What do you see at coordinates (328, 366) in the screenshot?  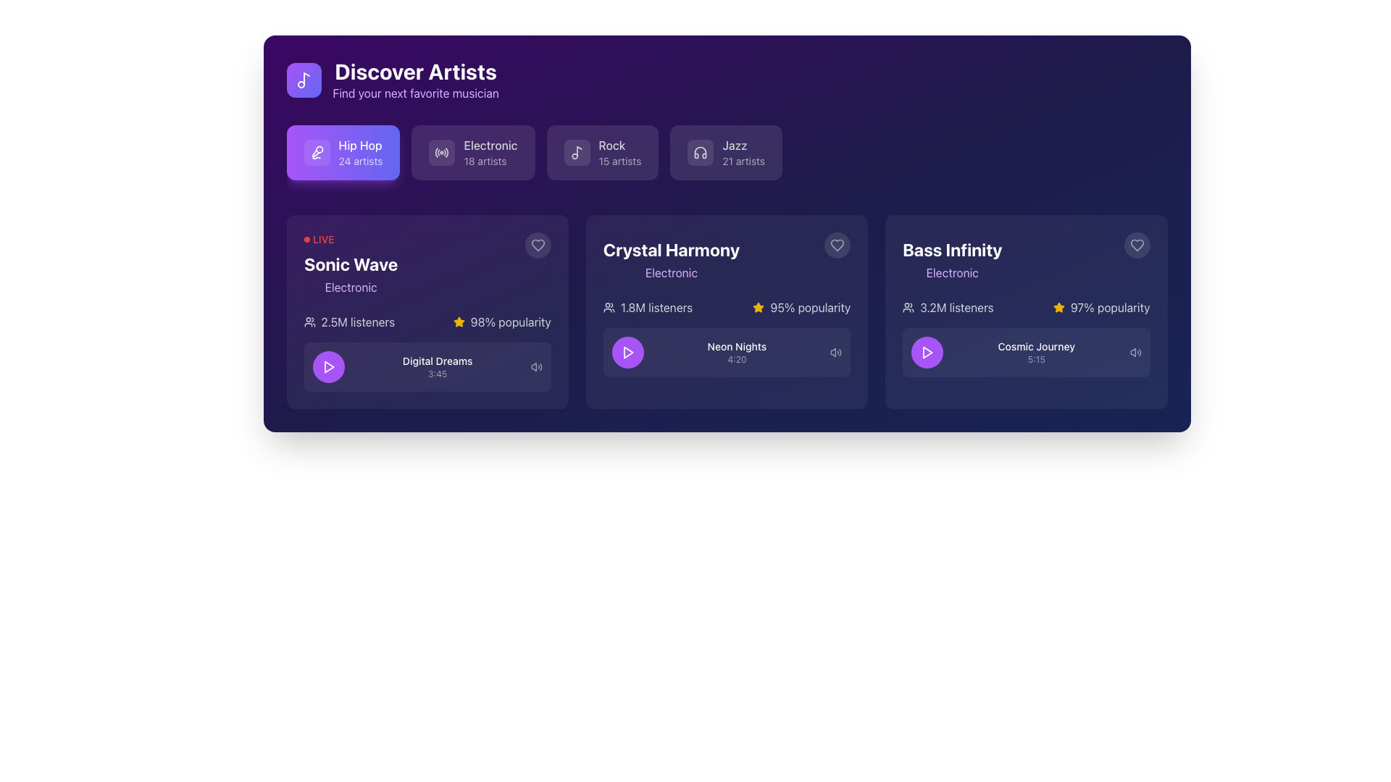 I see `the circular play button icon for the track 'Digital Dreams' located in the bottom-left corner of the 'Sonic Wave' section` at bounding box center [328, 366].